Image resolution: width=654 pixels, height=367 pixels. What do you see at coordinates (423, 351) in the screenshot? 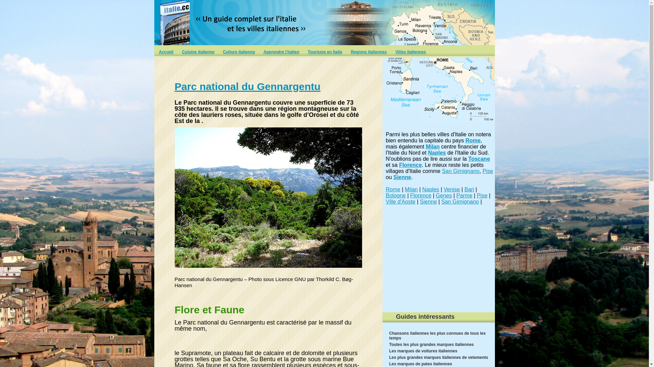
I see `'Les marques de voitures italiennes'` at bounding box center [423, 351].